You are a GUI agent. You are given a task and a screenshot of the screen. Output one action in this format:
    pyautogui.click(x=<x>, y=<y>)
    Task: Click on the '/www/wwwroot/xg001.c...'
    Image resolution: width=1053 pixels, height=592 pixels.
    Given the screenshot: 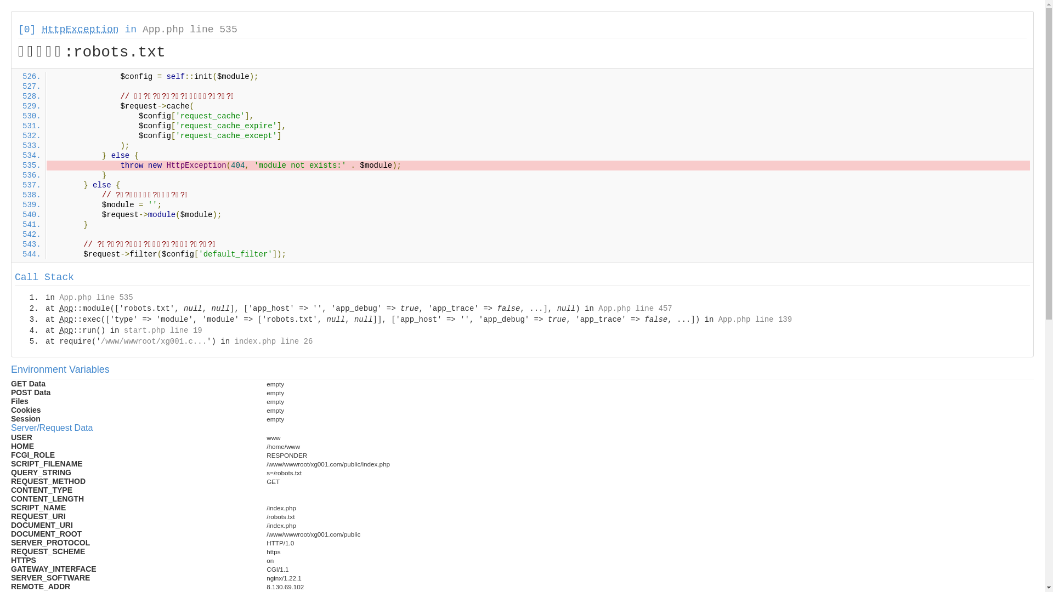 What is the action you would take?
    pyautogui.click(x=153, y=341)
    